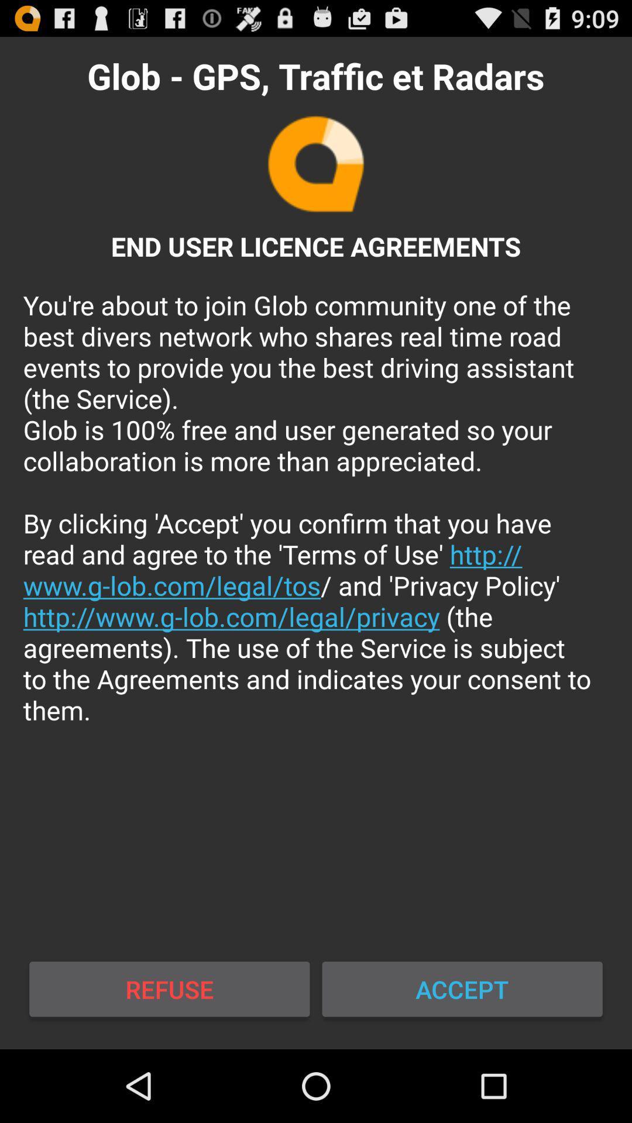 The width and height of the screenshot is (632, 1123). What do you see at coordinates (316, 507) in the screenshot?
I see `the you re about app` at bounding box center [316, 507].